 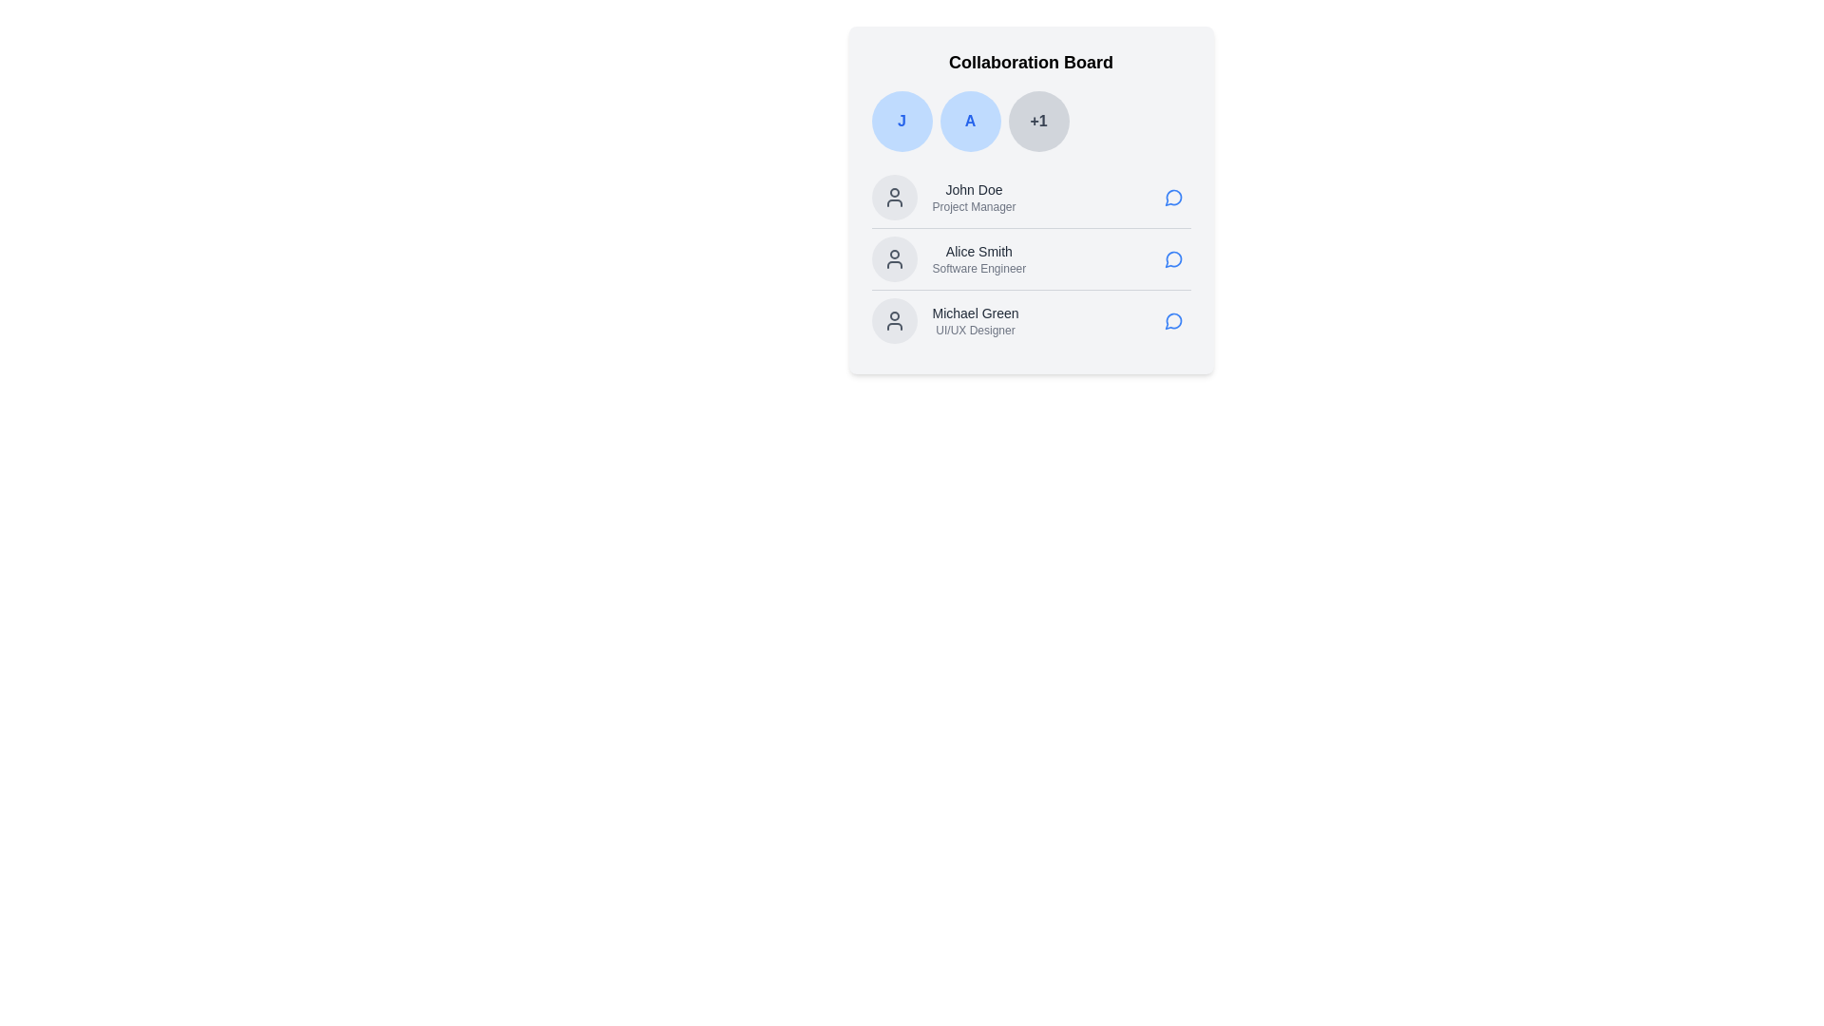 What do you see at coordinates (976, 320) in the screenshot?
I see `the text label component displaying 'Michael Green' and 'UI/UX Designer' located on the last row of the collaborators list in the 'Collaboration Board' card` at bounding box center [976, 320].